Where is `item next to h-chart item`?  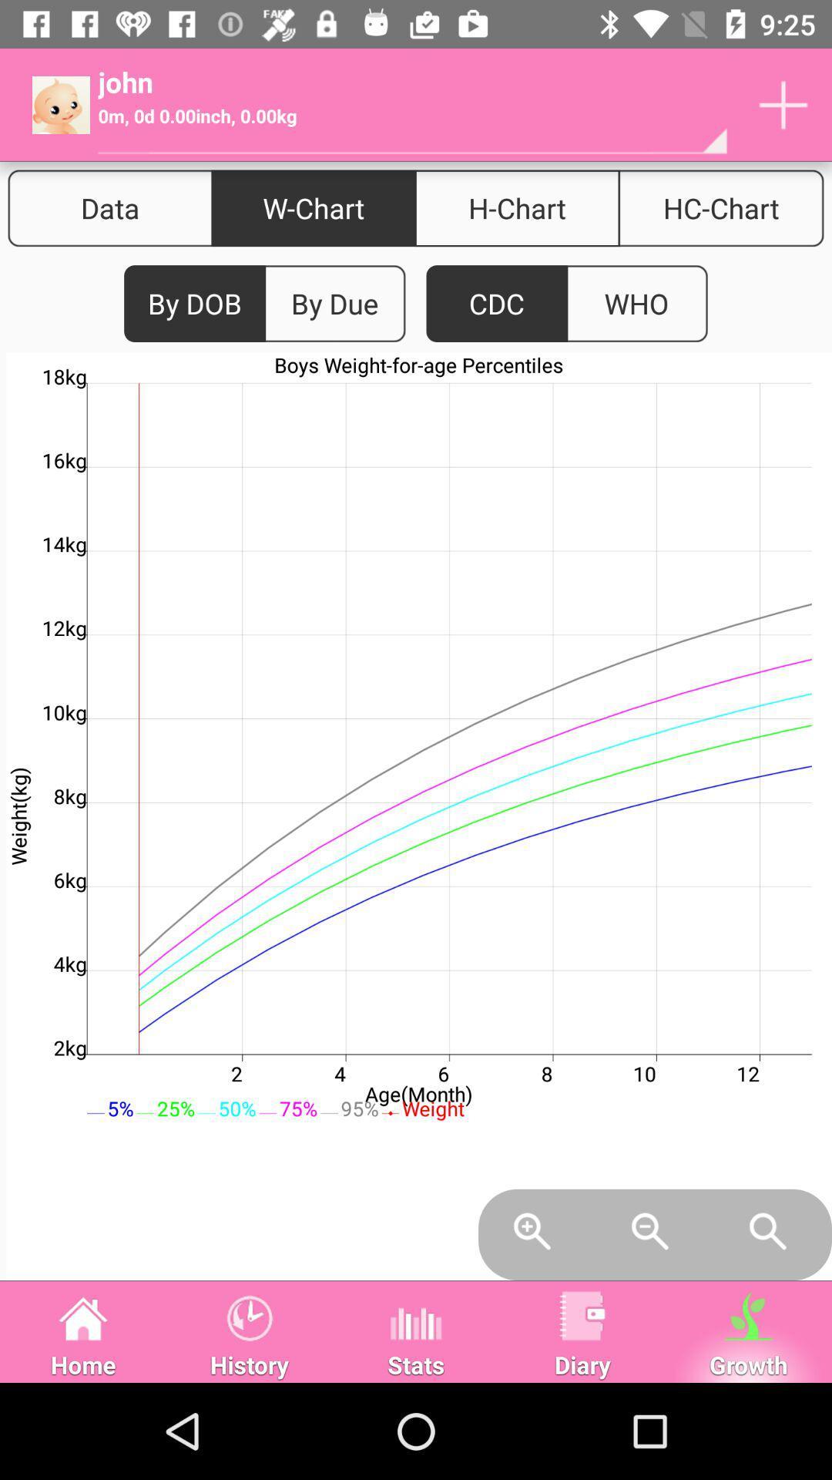
item next to h-chart item is located at coordinates (721, 207).